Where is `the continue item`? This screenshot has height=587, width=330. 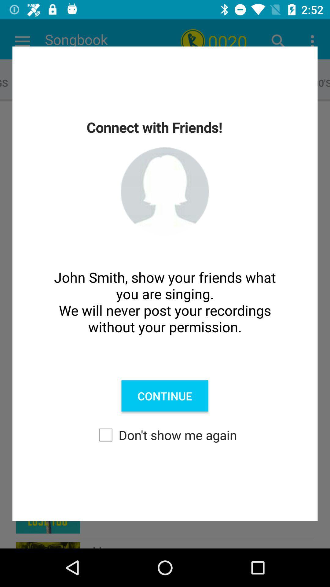 the continue item is located at coordinates (164, 396).